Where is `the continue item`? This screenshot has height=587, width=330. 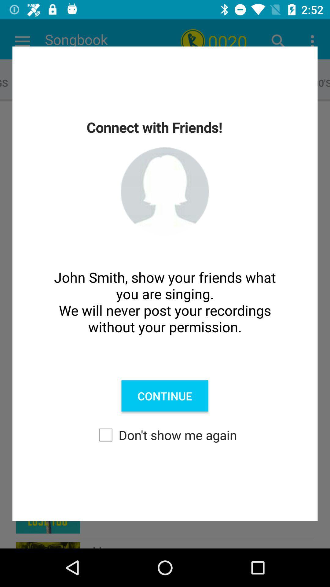 the continue item is located at coordinates (164, 396).